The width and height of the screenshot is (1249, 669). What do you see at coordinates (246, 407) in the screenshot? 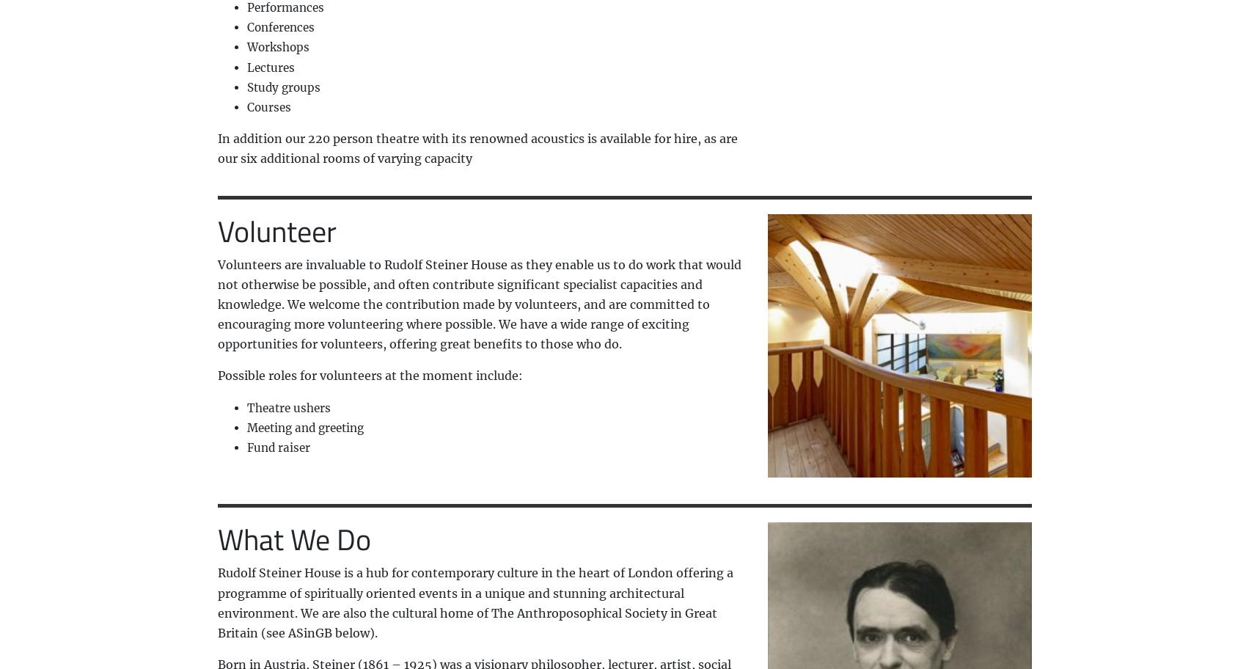
I see `'Theatre ushers'` at bounding box center [246, 407].